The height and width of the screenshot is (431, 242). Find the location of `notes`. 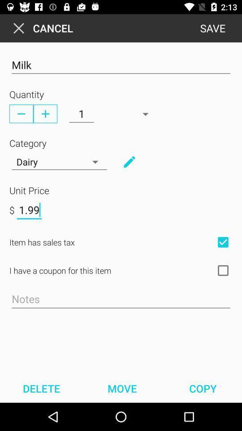

notes is located at coordinates (121, 299).